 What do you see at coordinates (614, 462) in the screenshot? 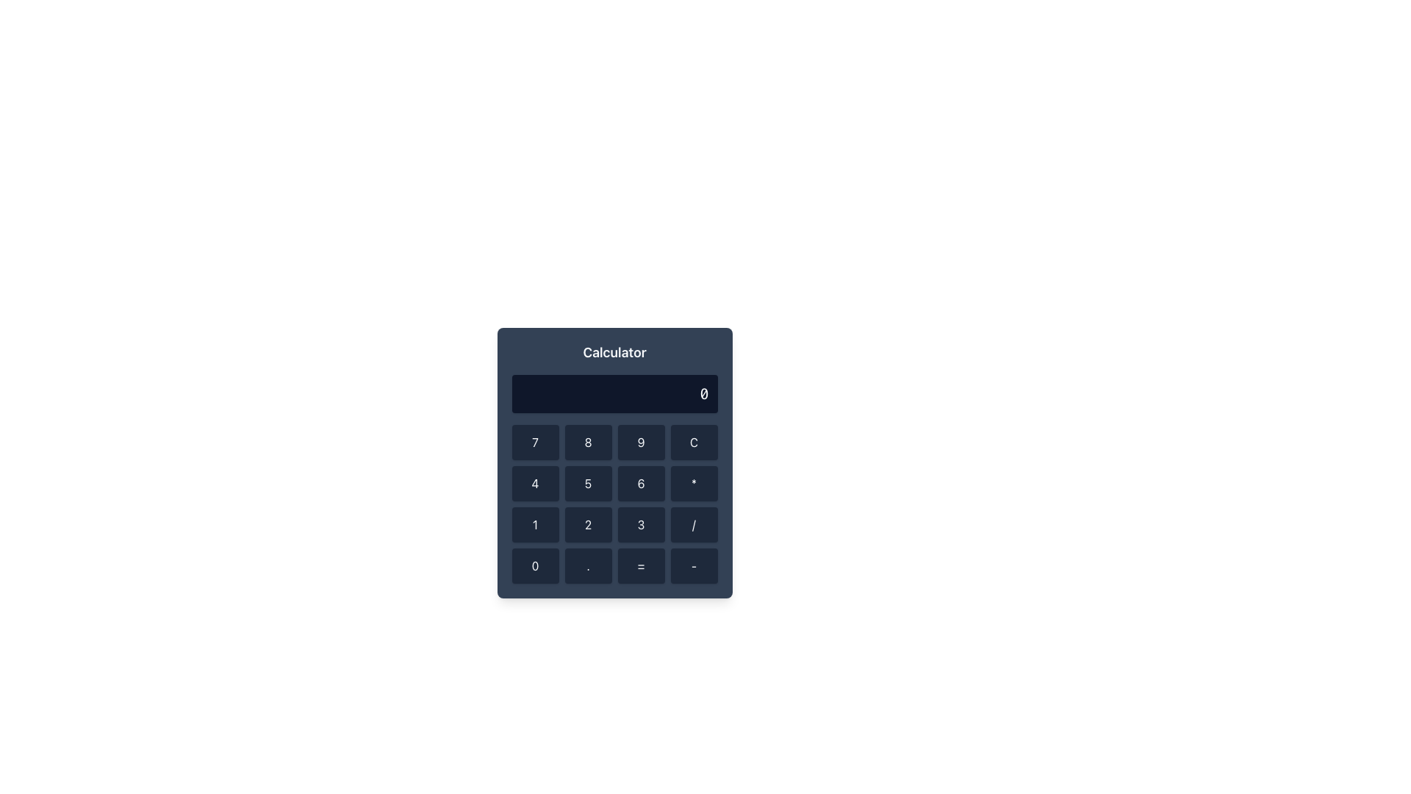
I see `the button on the Interactive Calculator Interface to receive visual feedback` at bounding box center [614, 462].